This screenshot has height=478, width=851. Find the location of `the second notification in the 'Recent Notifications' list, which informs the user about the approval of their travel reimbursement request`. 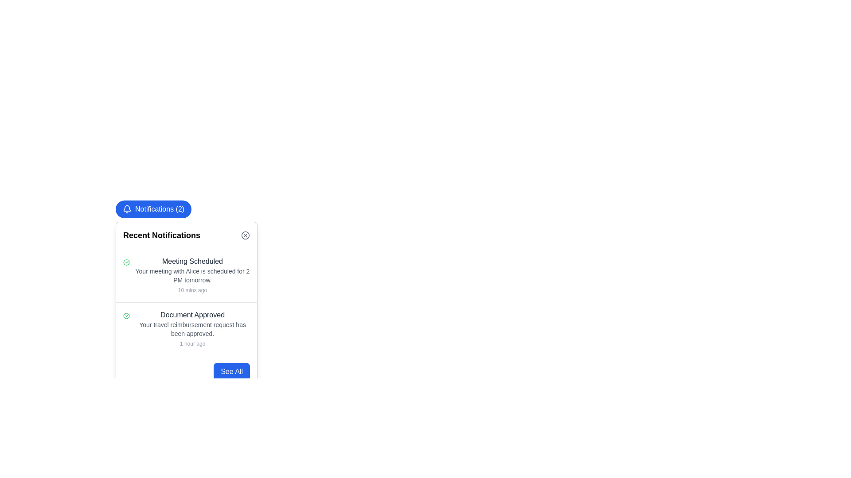

the second notification in the 'Recent Notifications' list, which informs the user about the approval of their travel reimbursement request is located at coordinates (186, 329).